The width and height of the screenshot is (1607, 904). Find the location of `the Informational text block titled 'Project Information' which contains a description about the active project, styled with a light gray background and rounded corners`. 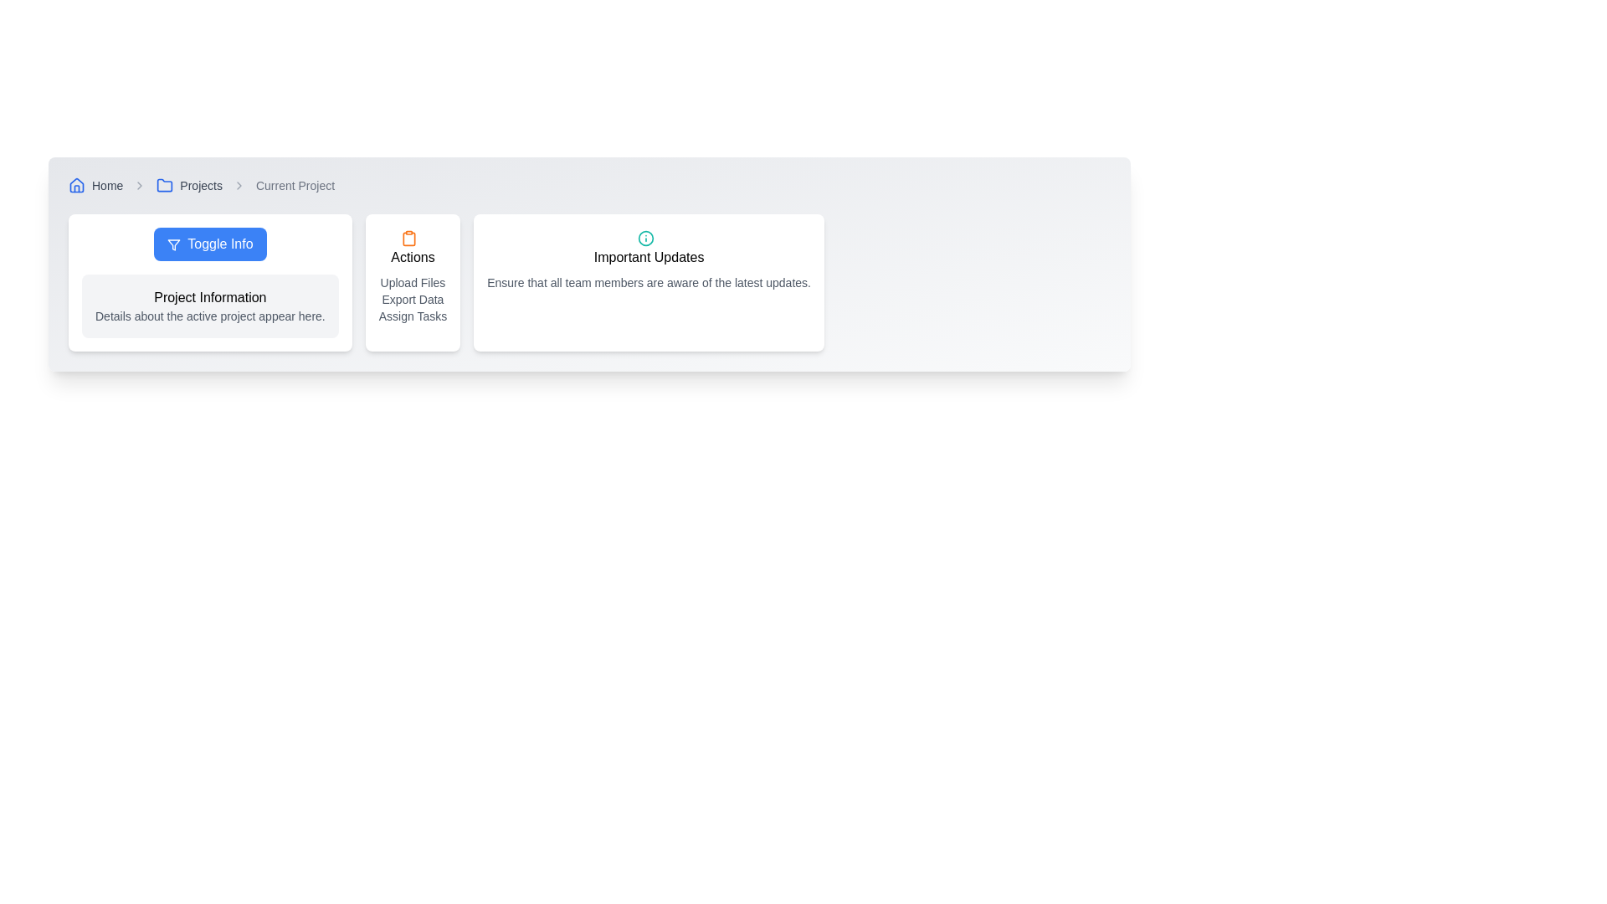

the Informational text block titled 'Project Information' which contains a description about the active project, styled with a light gray background and rounded corners is located at coordinates (209, 306).